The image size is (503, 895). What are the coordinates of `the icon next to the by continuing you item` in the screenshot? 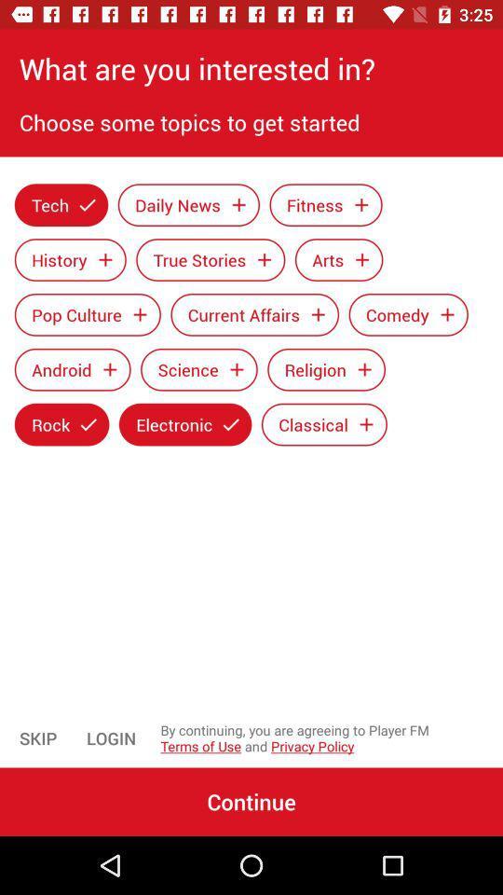 It's located at (111, 738).